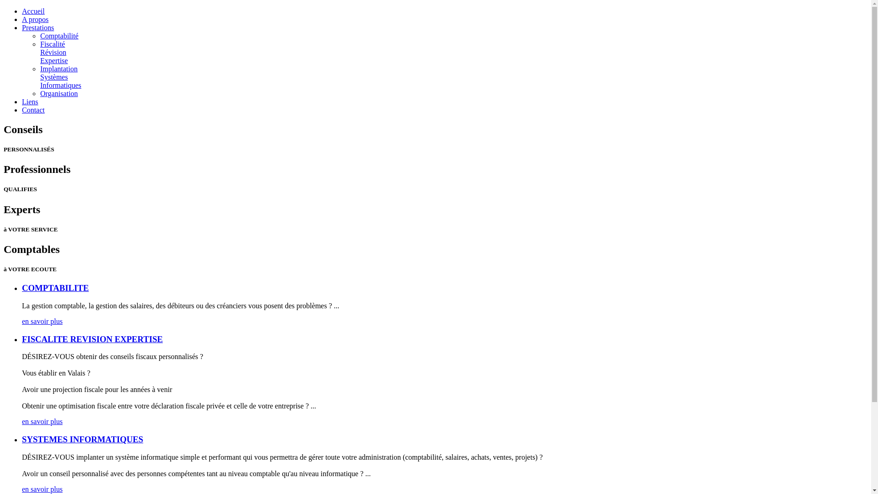  I want to click on 'en savoir plus', so click(42, 321).